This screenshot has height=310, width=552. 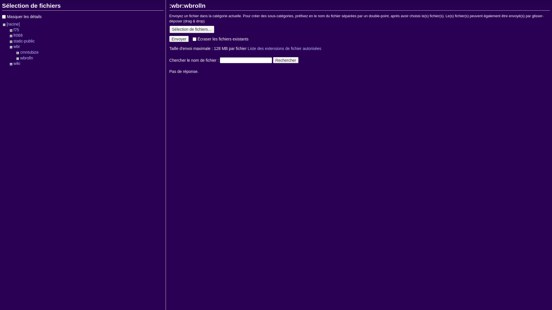 What do you see at coordinates (29, 52) in the screenshot?
I see `'cmntubize'` at bounding box center [29, 52].